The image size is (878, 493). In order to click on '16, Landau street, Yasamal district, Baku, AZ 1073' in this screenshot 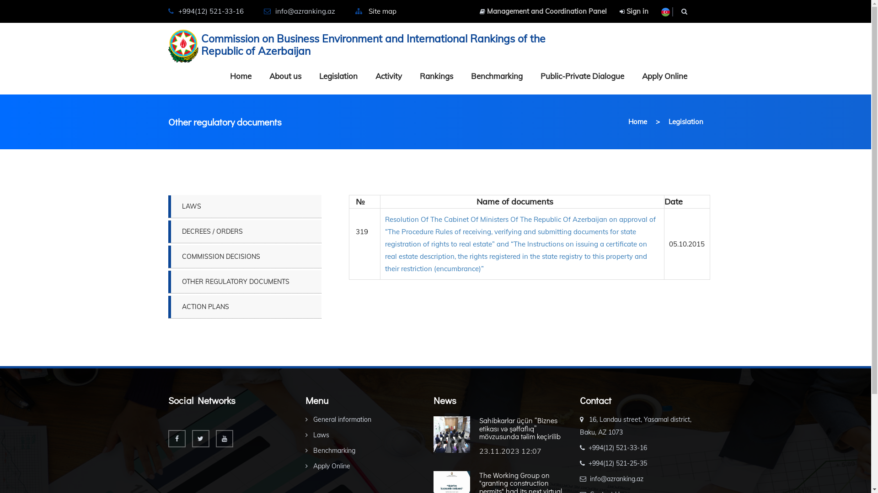, I will do `click(579, 426)`.